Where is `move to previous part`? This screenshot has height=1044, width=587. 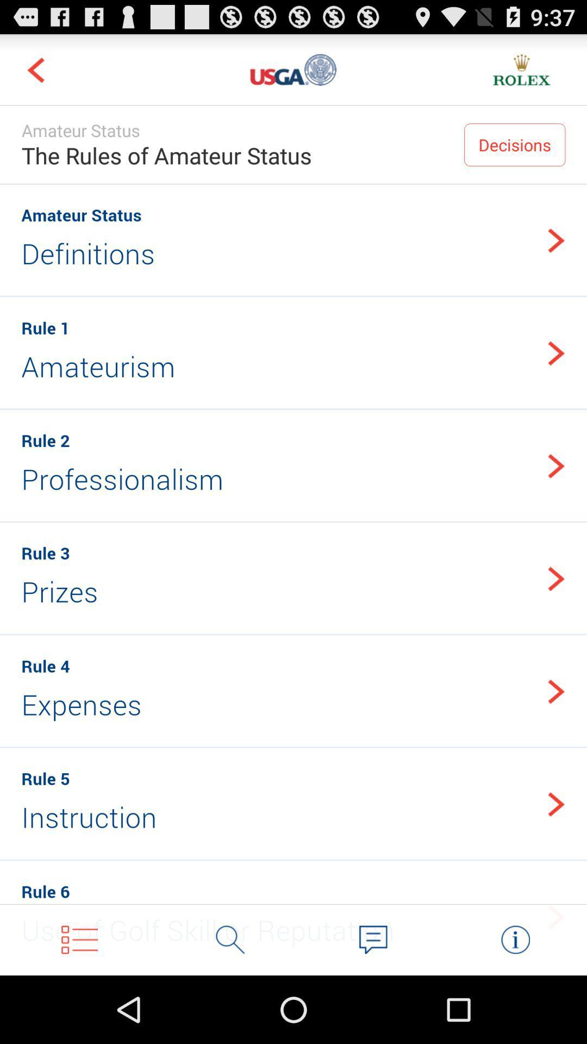 move to previous part is located at coordinates (35, 69).